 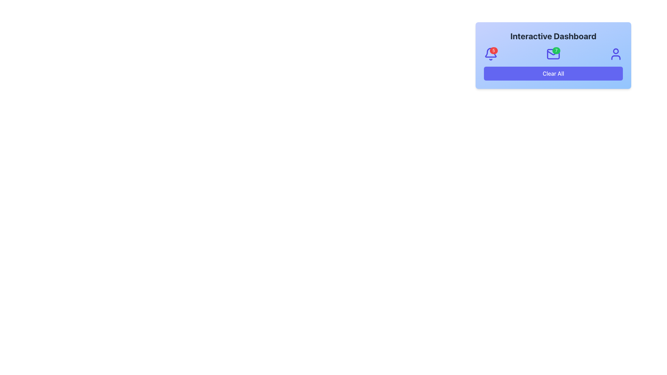 What do you see at coordinates (556, 50) in the screenshot?
I see `the Notification Badge, a small circular badge with a green background and white text displaying the number '7', located at the top-right corner of the mail icon` at bounding box center [556, 50].